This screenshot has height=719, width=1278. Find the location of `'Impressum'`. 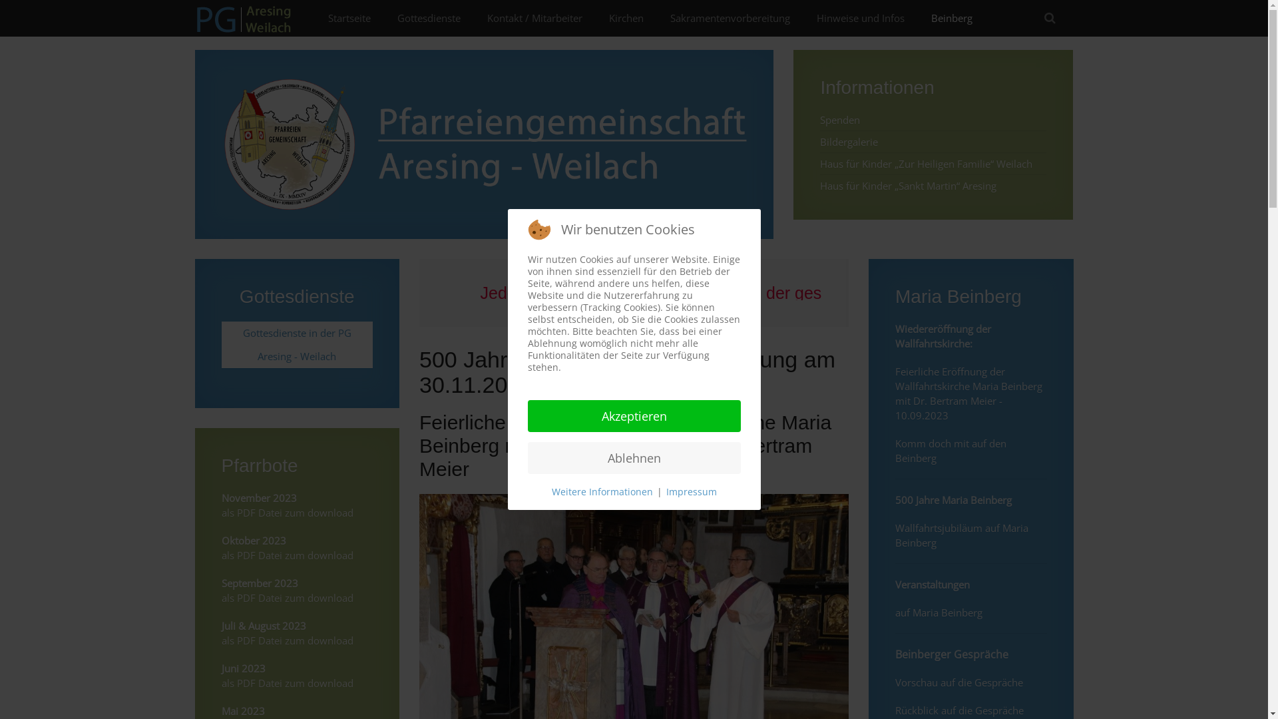

'Impressum' is located at coordinates (690, 492).